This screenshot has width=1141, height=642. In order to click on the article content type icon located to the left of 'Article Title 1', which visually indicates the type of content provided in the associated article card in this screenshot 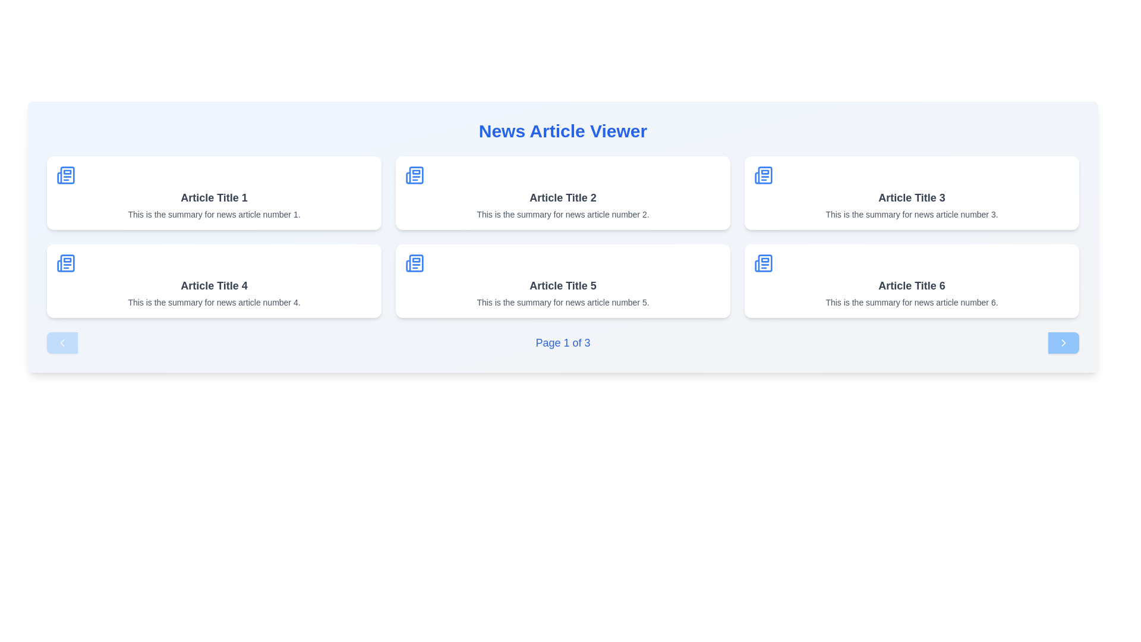, I will do `click(65, 175)`.